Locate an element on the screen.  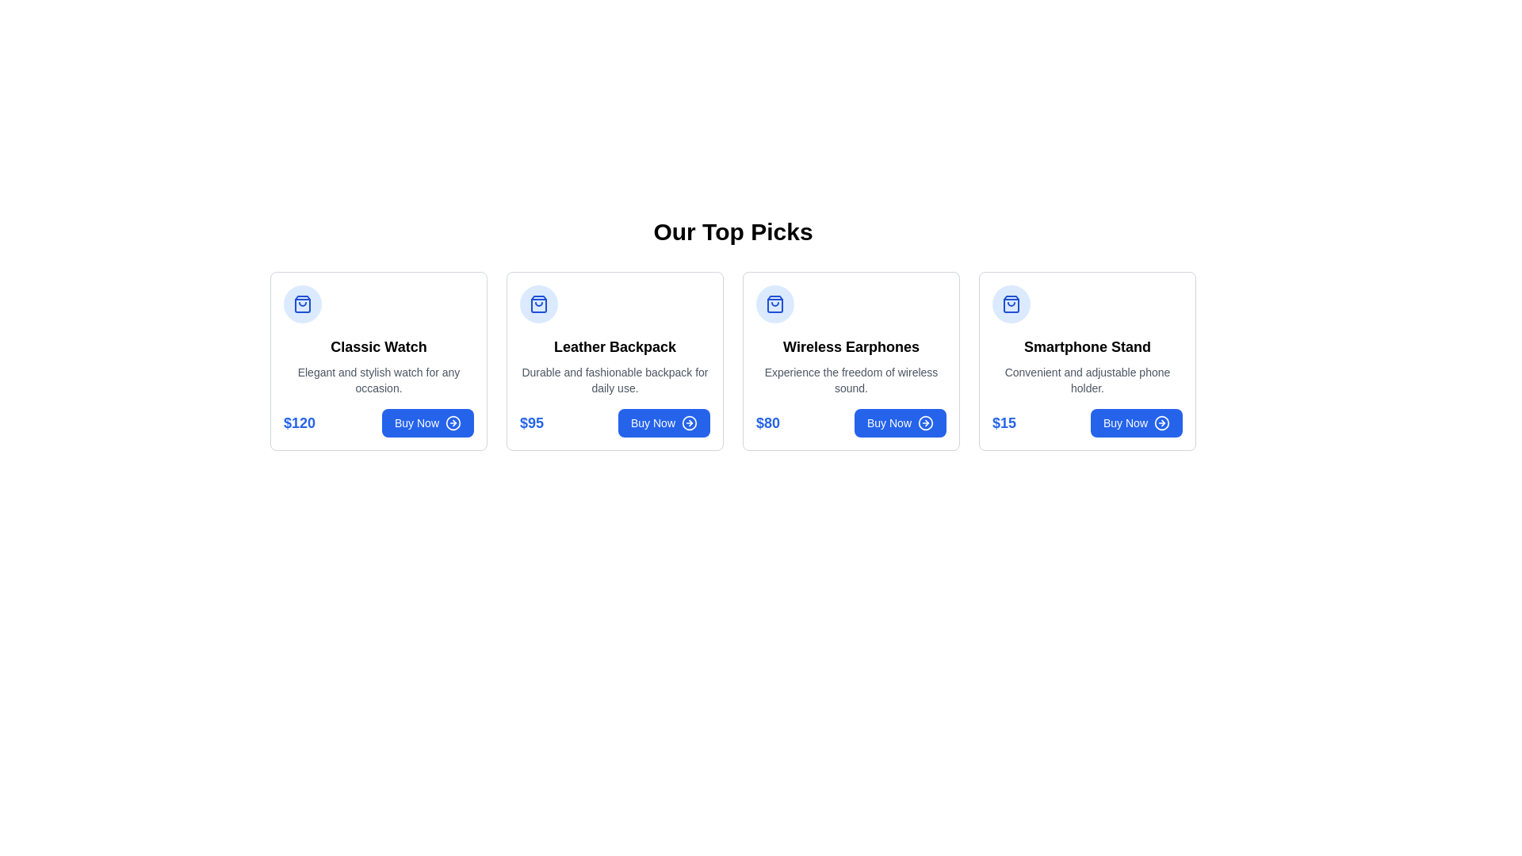
the 'Buy Now' button in the product card for 'Wireless Earphones', located below the description text and above the card's bottom margin is located at coordinates (851, 422).